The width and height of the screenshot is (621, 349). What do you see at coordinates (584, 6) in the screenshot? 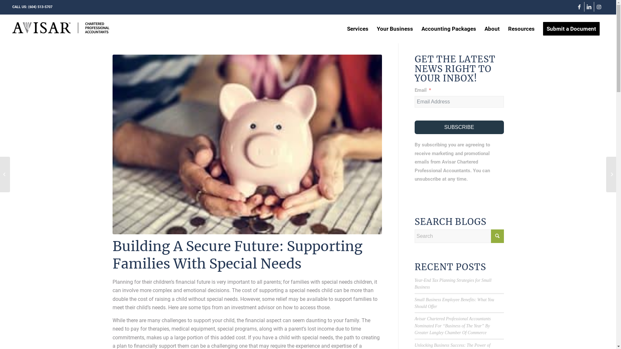
I see `'LinkedIn'` at bounding box center [584, 6].